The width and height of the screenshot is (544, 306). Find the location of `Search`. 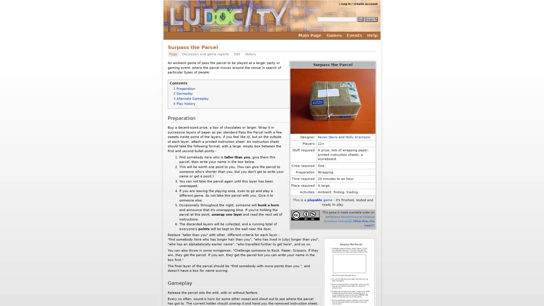

Search is located at coordinates (371, 19).